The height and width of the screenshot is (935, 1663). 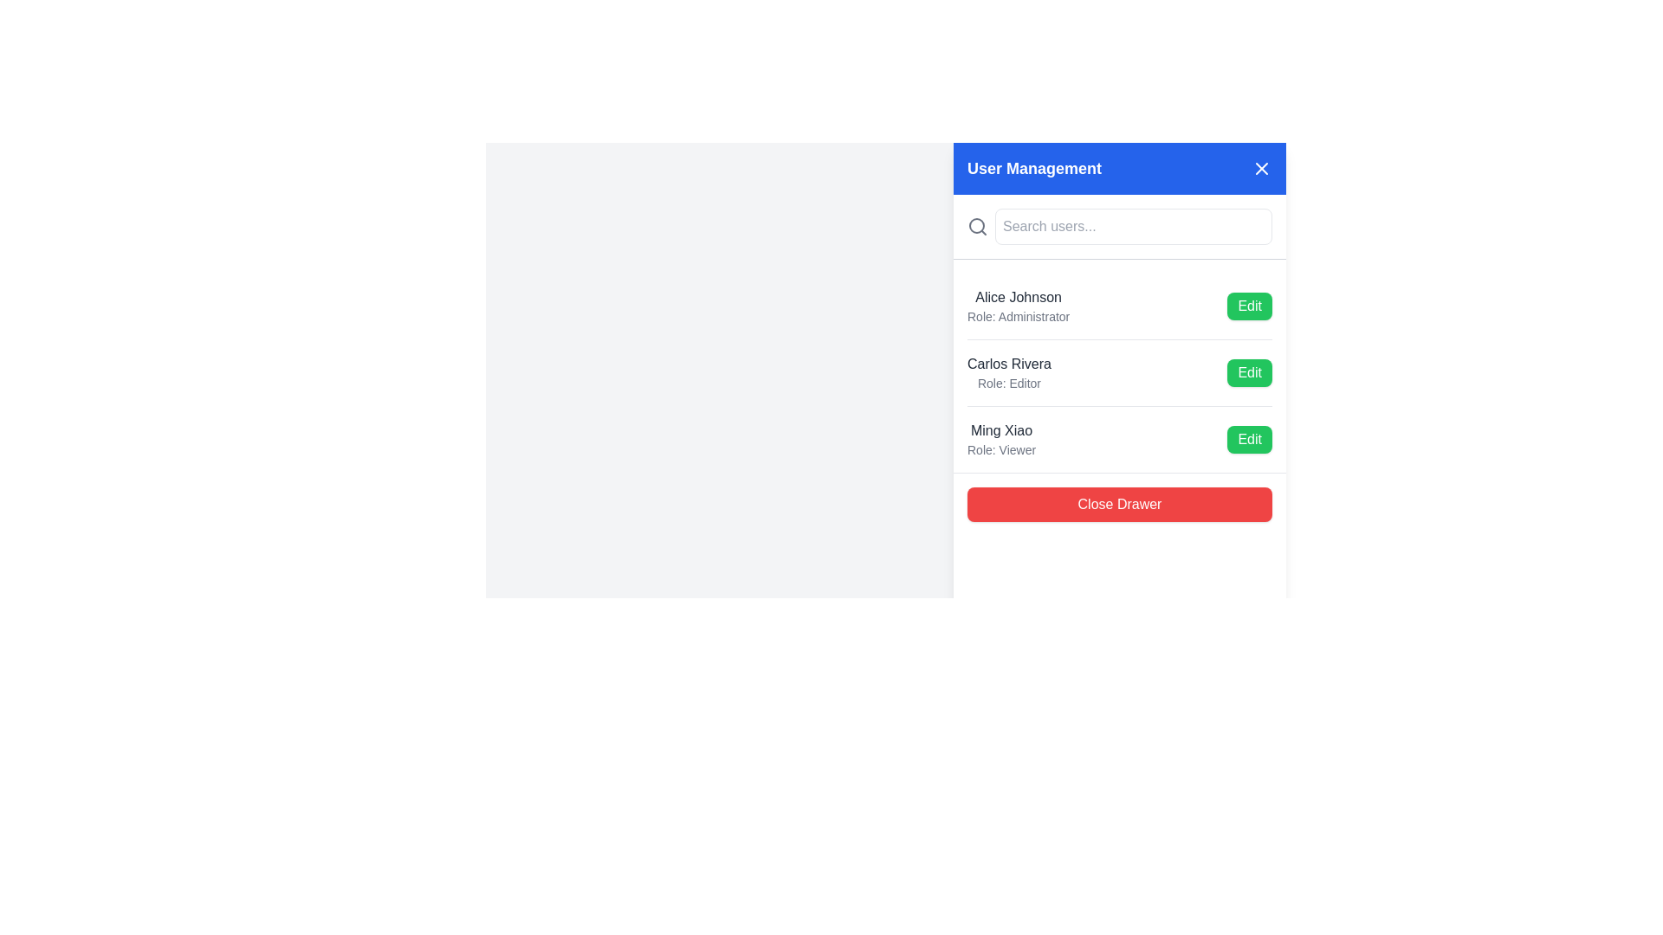 I want to click on the text display element showing 'Alice Johnson' aligned to the left in the user management panel, located in the topmost row, adjacent to the green 'Edit' button, so click(x=1019, y=306).